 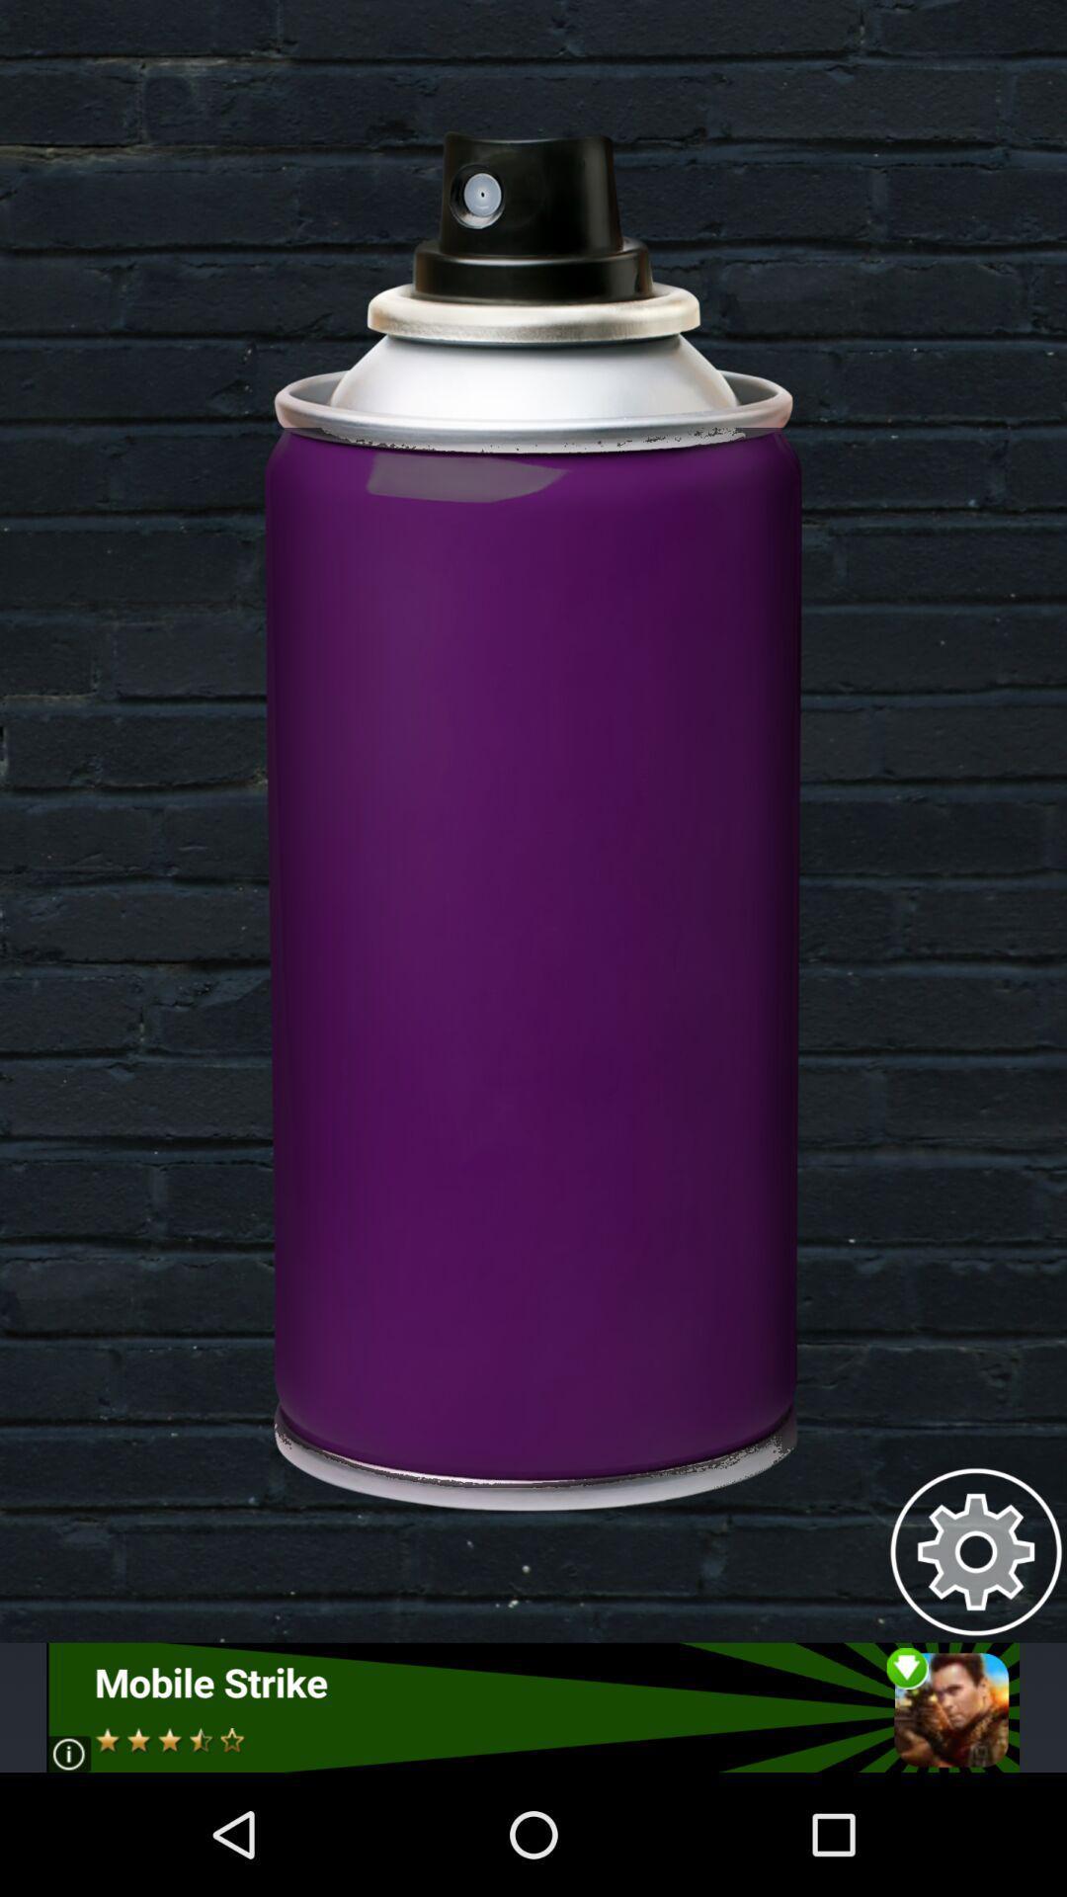 I want to click on the icon at the bottom right corner, so click(x=975, y=1550).